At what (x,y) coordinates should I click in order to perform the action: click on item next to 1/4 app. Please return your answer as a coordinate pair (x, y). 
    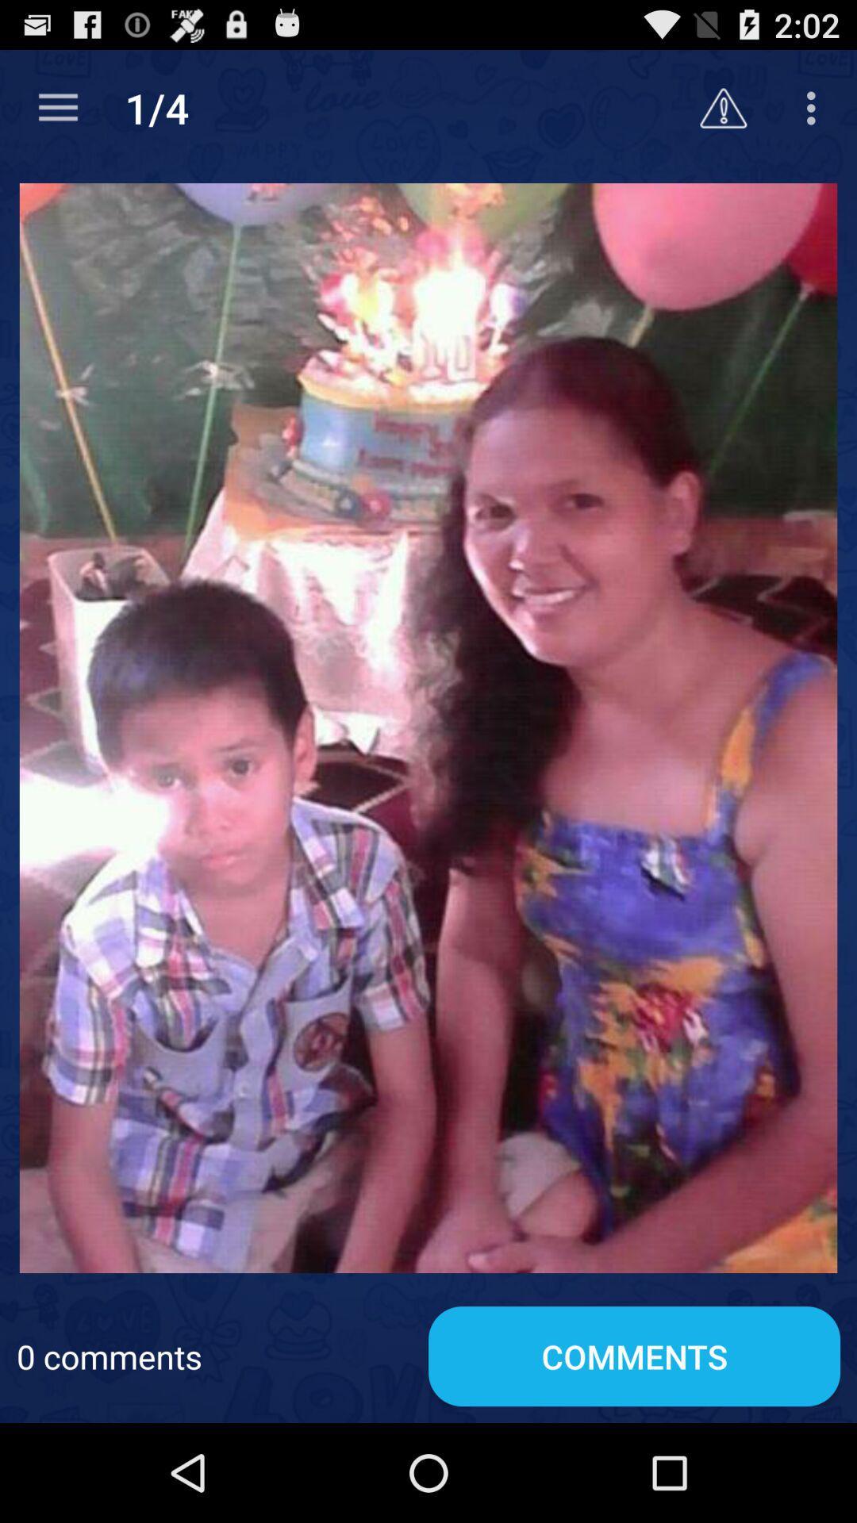
    Looking at the image, I should click on (723, 107).